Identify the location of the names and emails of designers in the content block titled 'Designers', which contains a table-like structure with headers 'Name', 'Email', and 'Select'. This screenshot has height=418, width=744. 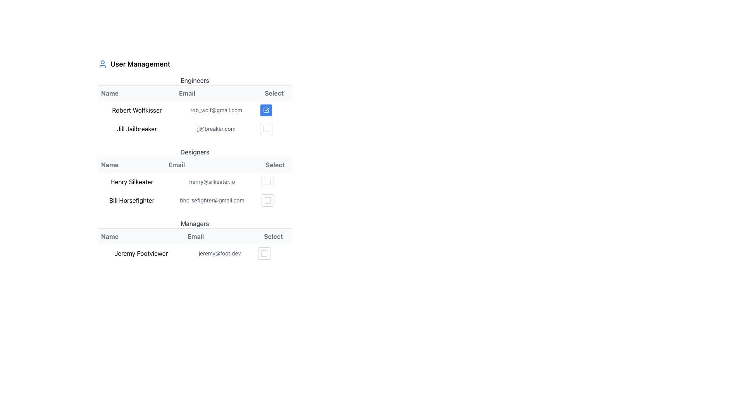
(195, 178).